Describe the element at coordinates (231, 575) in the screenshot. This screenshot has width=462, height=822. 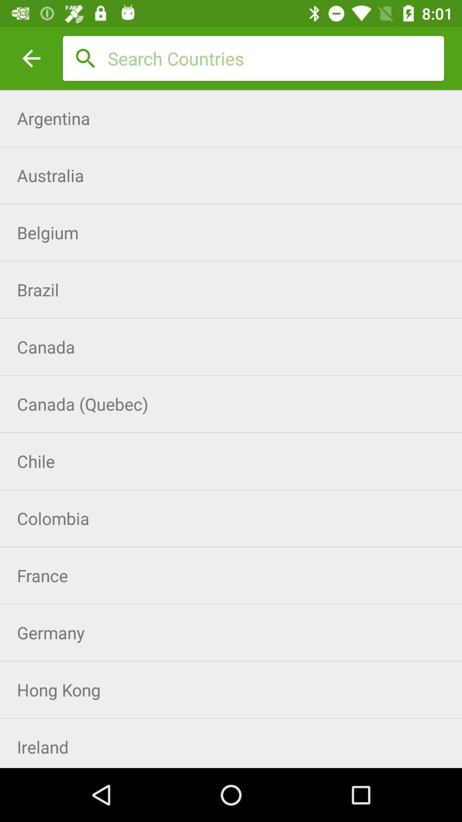
I see `france` at that location.